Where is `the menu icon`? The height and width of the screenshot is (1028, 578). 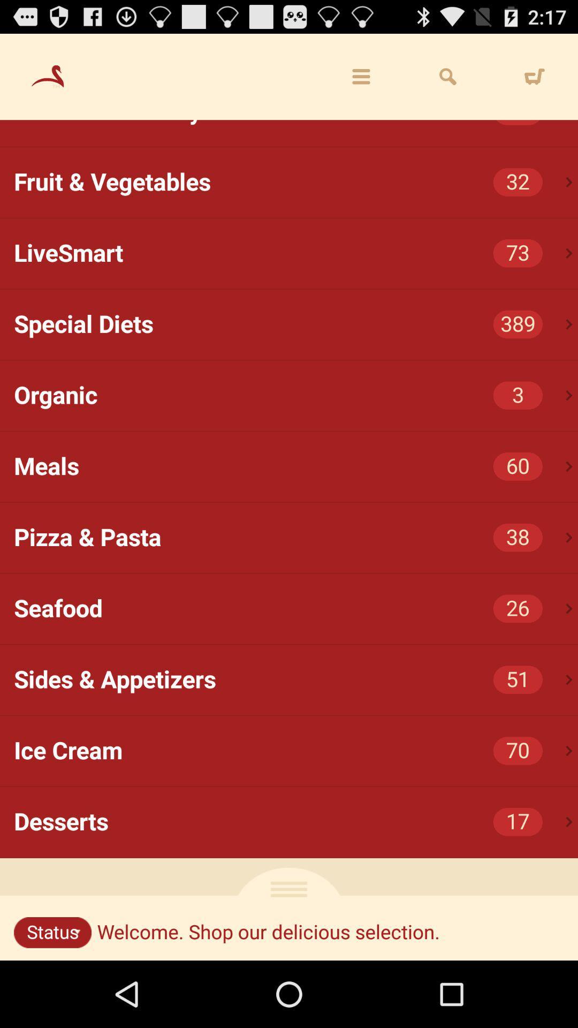 the menu icon is located at coordinates (361, 81).